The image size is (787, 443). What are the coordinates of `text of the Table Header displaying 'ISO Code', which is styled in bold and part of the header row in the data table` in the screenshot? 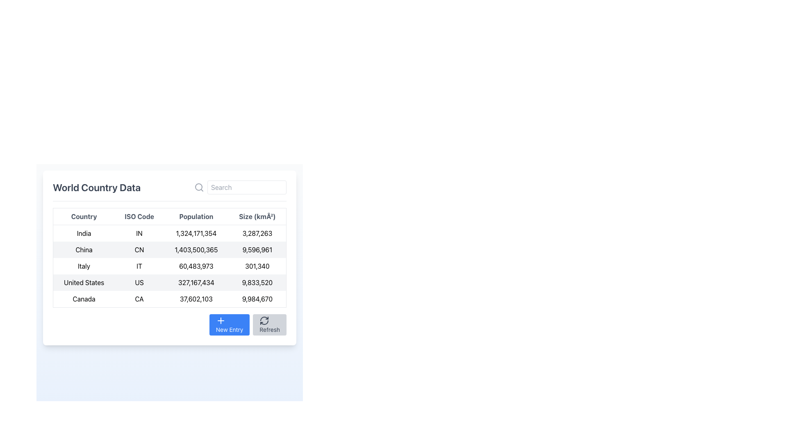 It's located at (139, 216).